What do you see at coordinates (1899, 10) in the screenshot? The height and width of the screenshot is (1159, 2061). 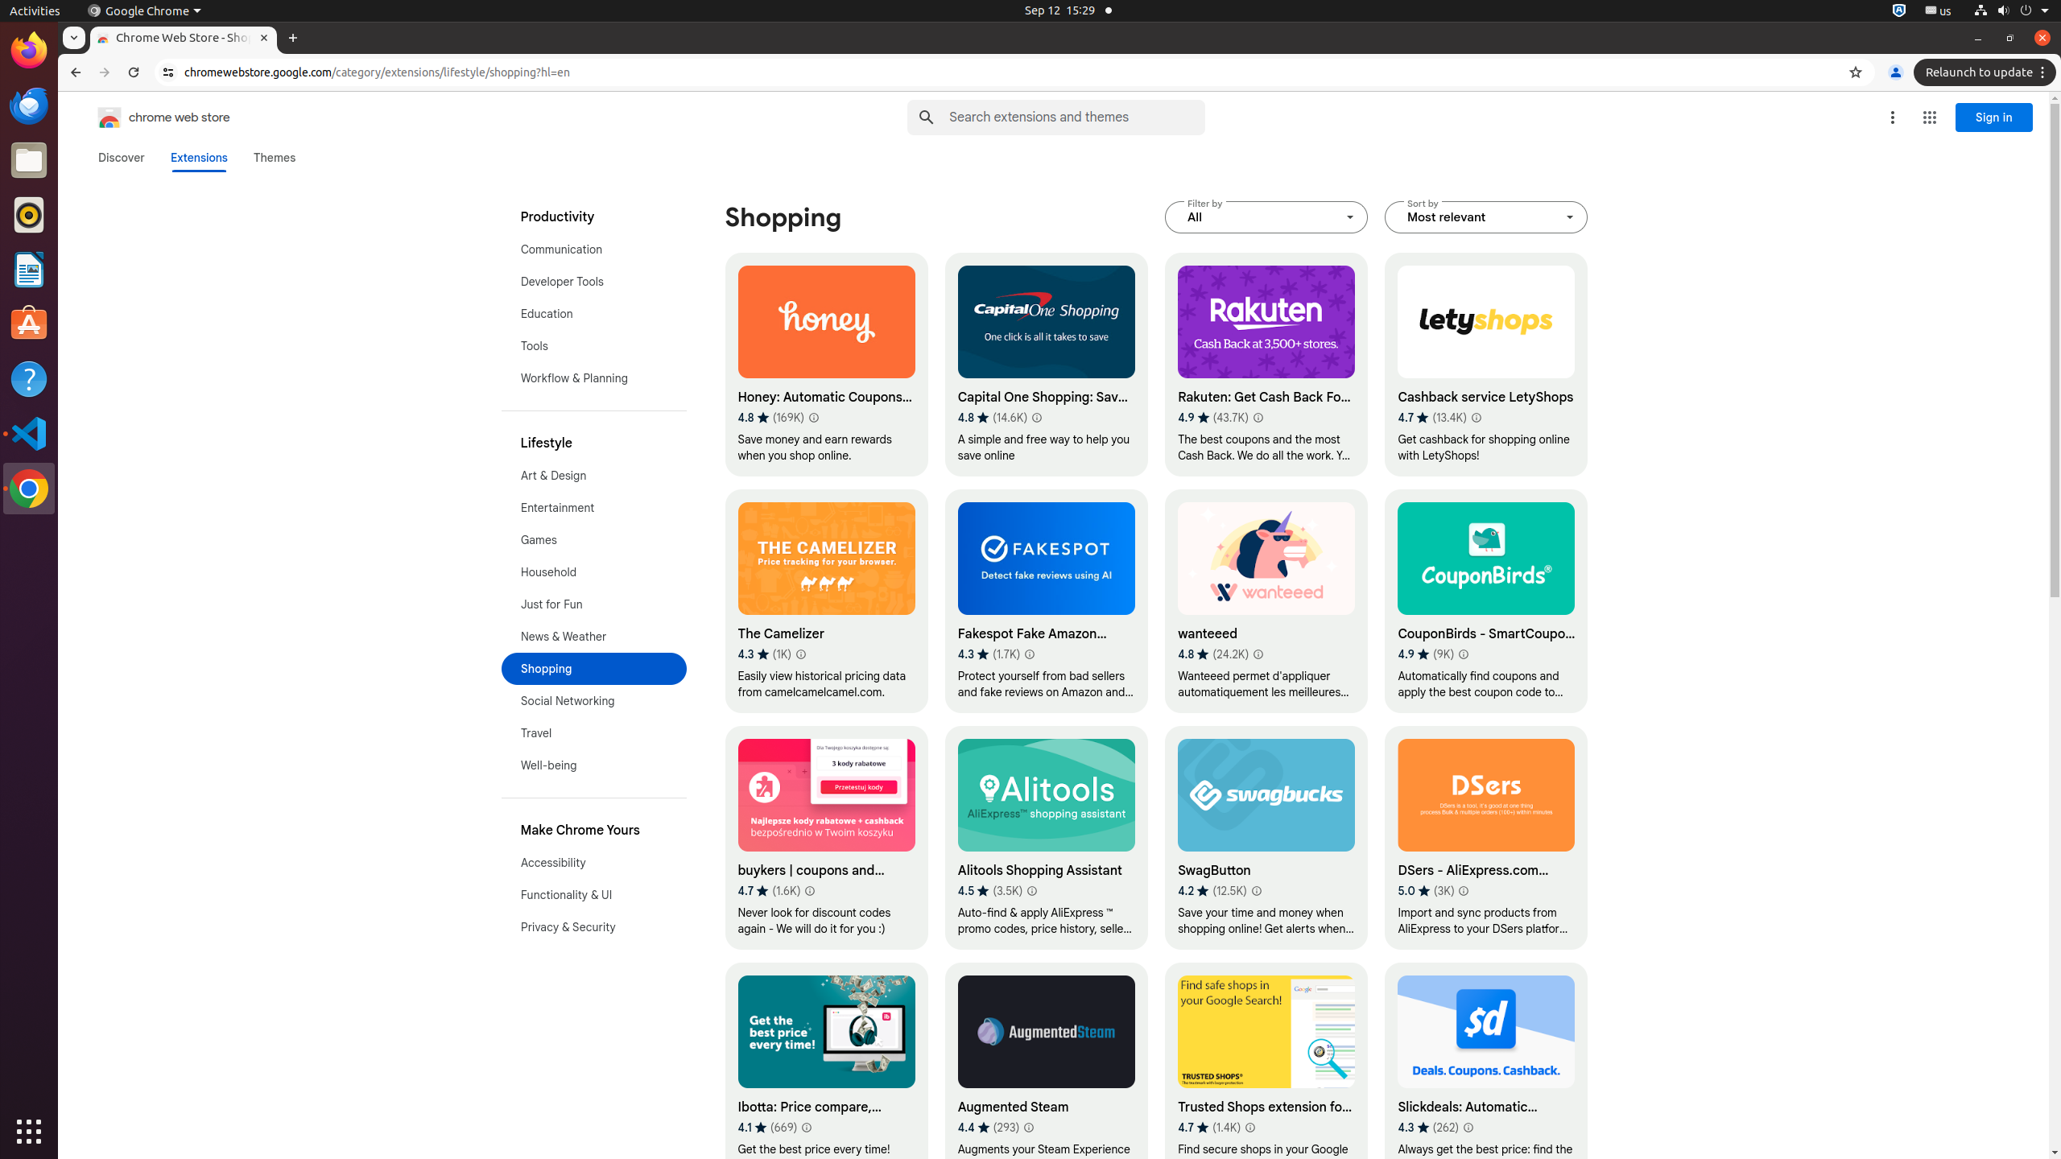 I see `':1.72/StatusNotifierItem'` at bounding box center [1899, 10].